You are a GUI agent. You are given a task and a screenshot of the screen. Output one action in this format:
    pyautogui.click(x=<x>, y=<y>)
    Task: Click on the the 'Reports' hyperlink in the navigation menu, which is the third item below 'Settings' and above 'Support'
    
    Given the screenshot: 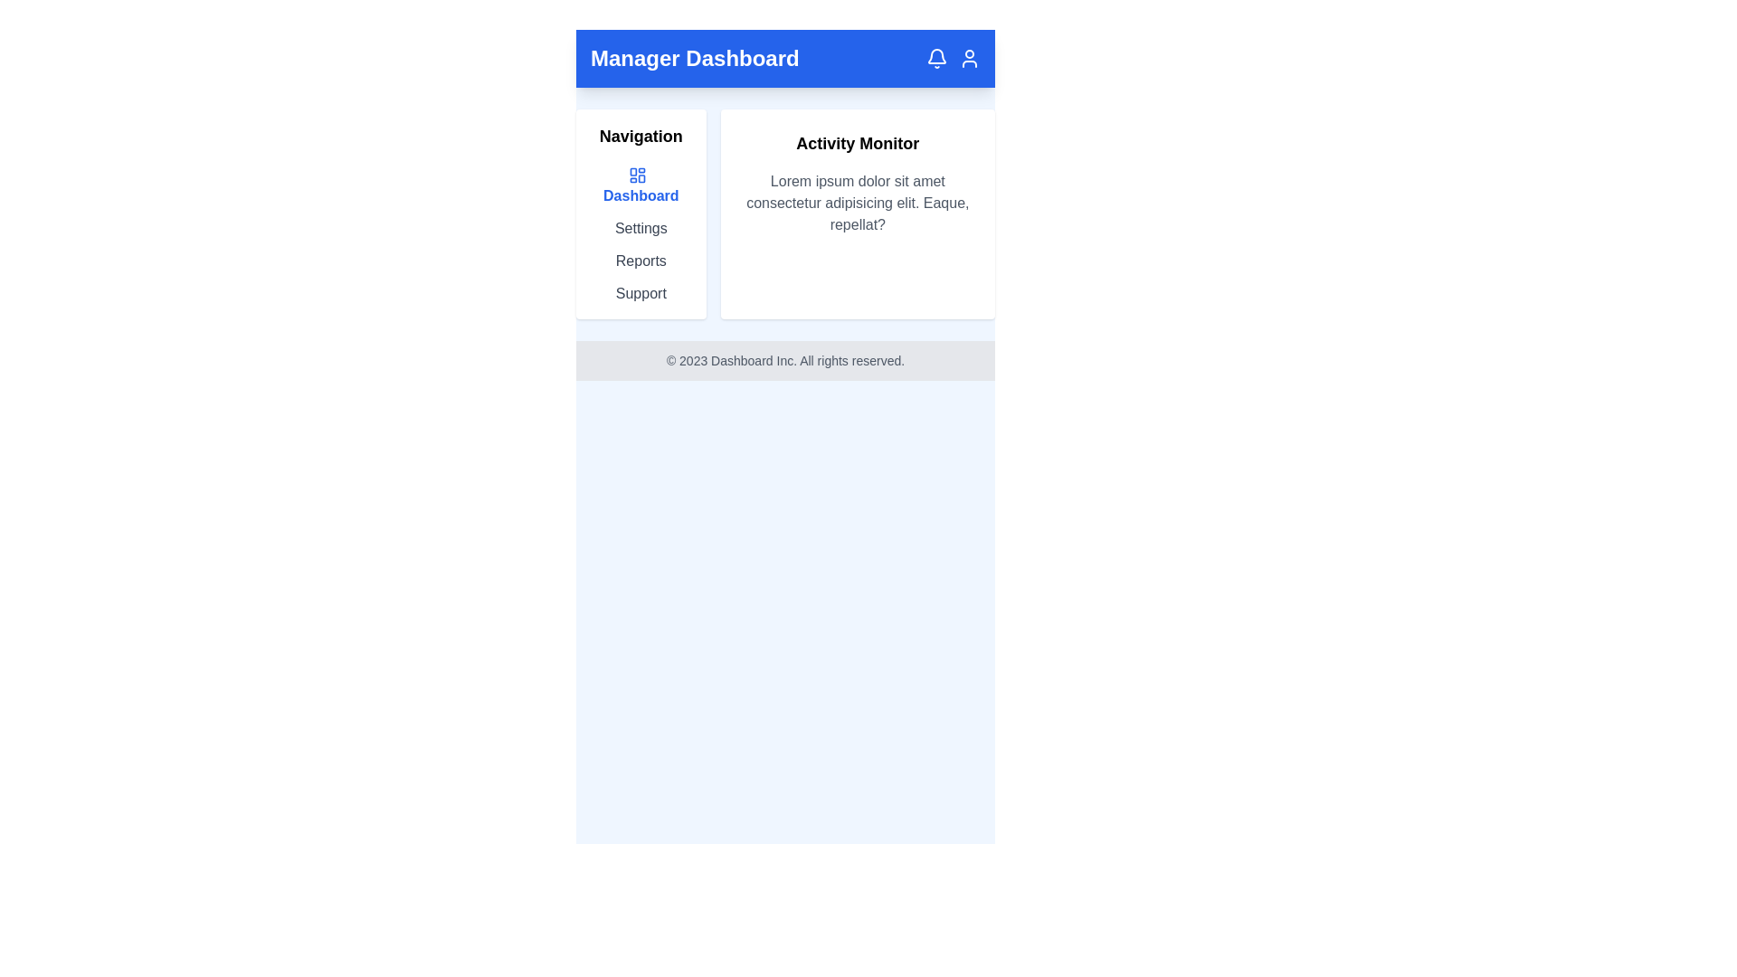 What is the action you would take?
    pyautogui.click(x=641, y=261)
    